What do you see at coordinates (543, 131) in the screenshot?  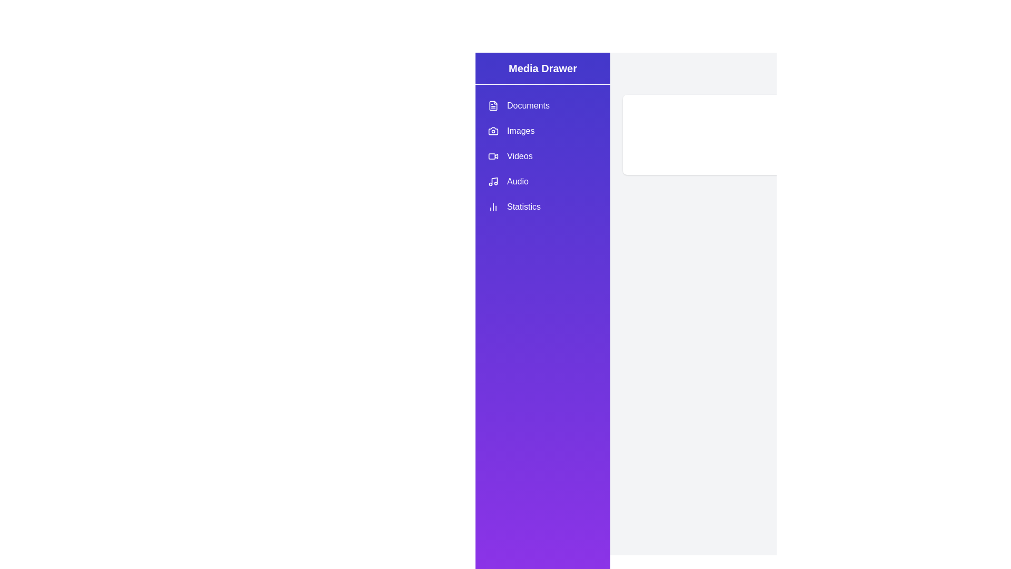 I see `the category Images in the drawer` at bounding box center [543, 131].